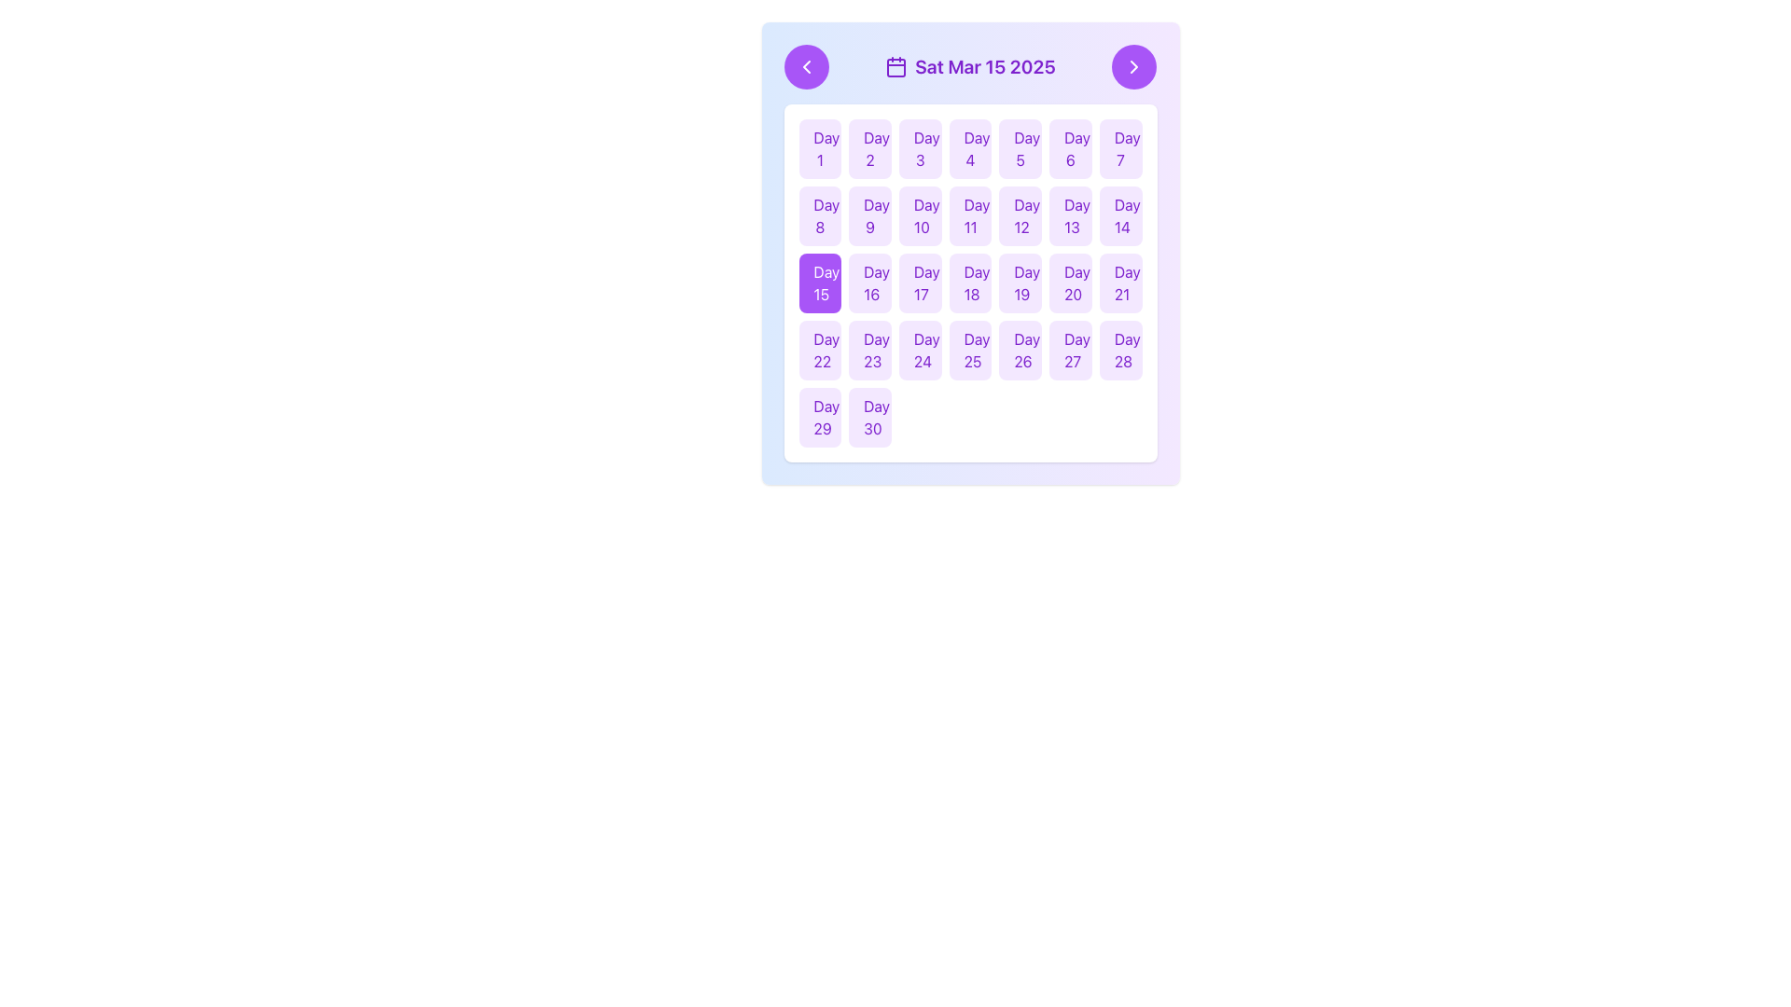 The width and height of the screenshot is (1791, 1007). I want to click on the 'Day 27' button, which is a rectangular button with purple text on a light purple background, located in the fourth row and sixth from the left, so click(1070, 350).